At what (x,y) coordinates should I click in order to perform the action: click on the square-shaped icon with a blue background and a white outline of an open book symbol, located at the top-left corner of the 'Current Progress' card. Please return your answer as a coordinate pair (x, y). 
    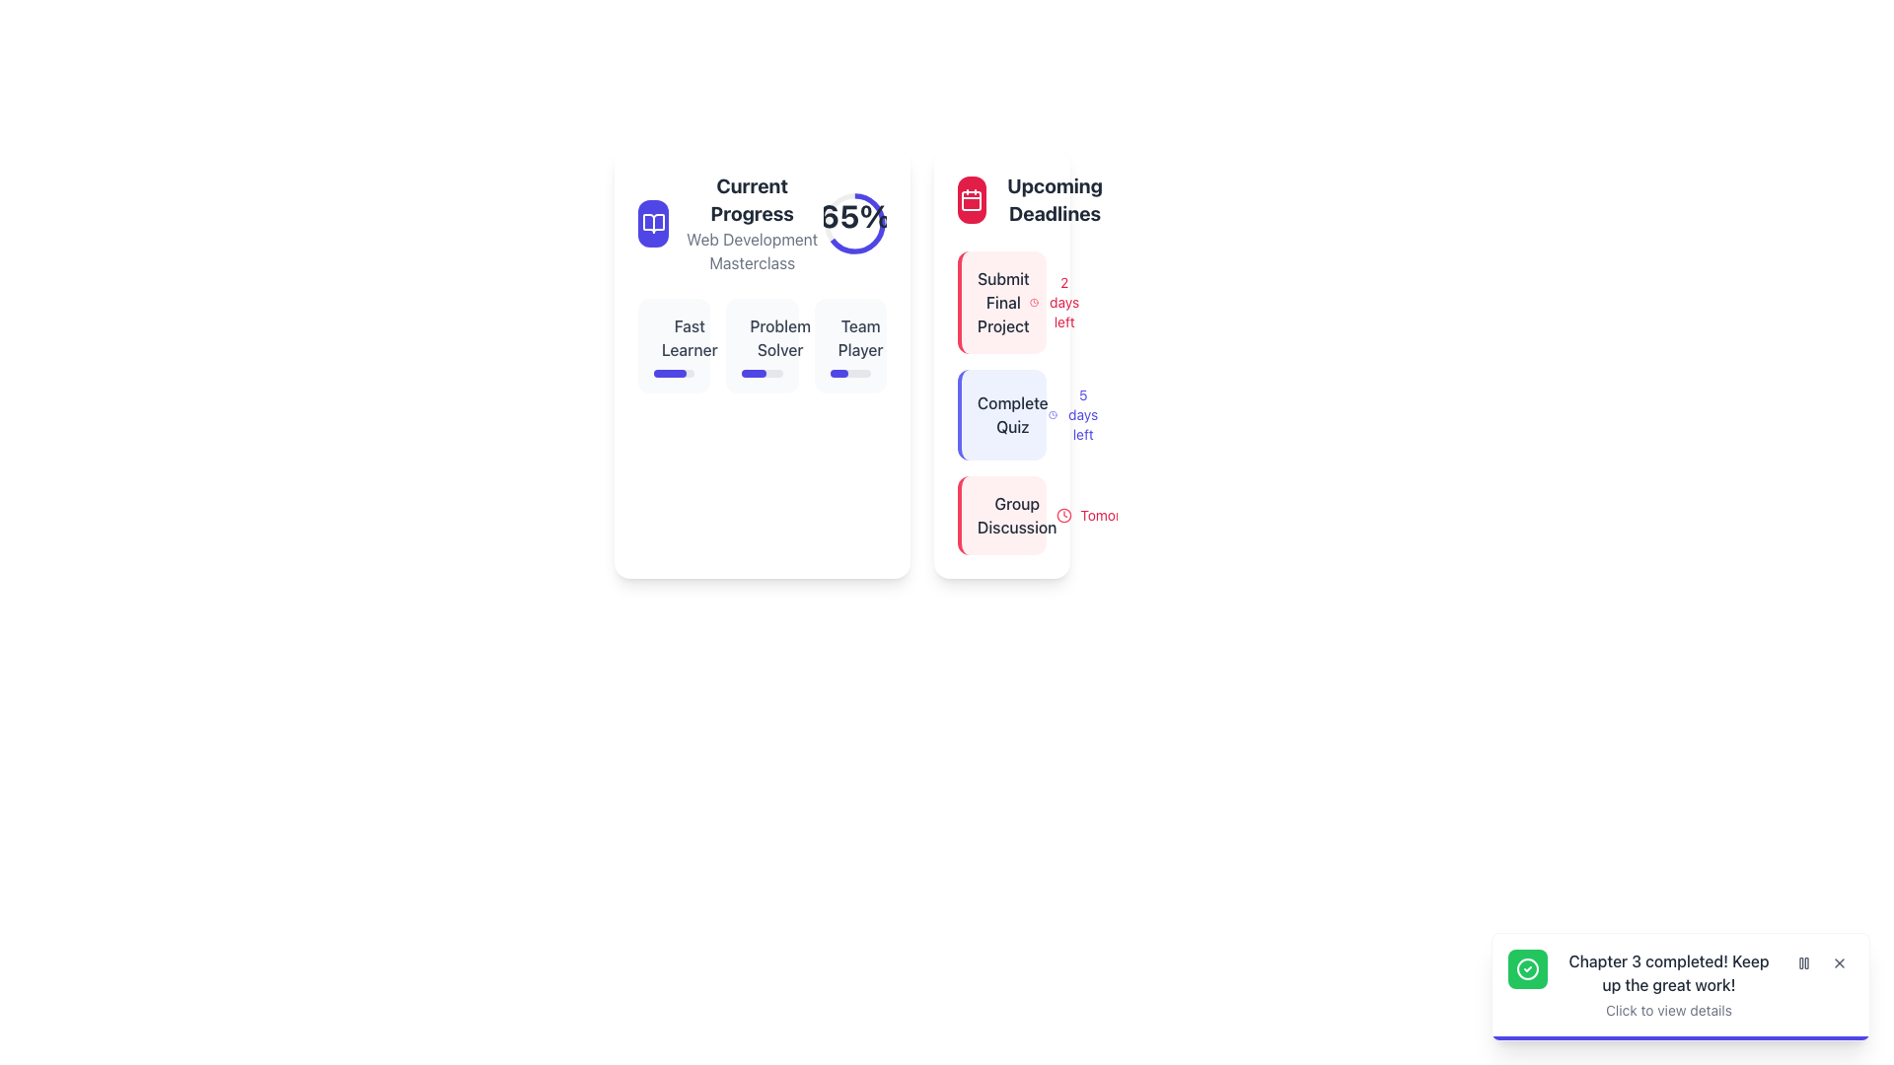
    Looking at the image, I should click on (653, 223).